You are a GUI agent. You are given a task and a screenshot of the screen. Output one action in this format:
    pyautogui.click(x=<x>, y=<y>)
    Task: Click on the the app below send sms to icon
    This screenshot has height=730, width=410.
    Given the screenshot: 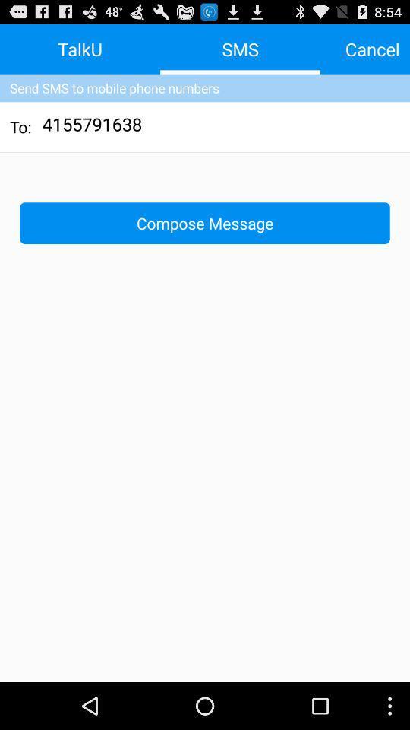 What is the action you would take?
    pyautogui.click(x=93, y=125)
    